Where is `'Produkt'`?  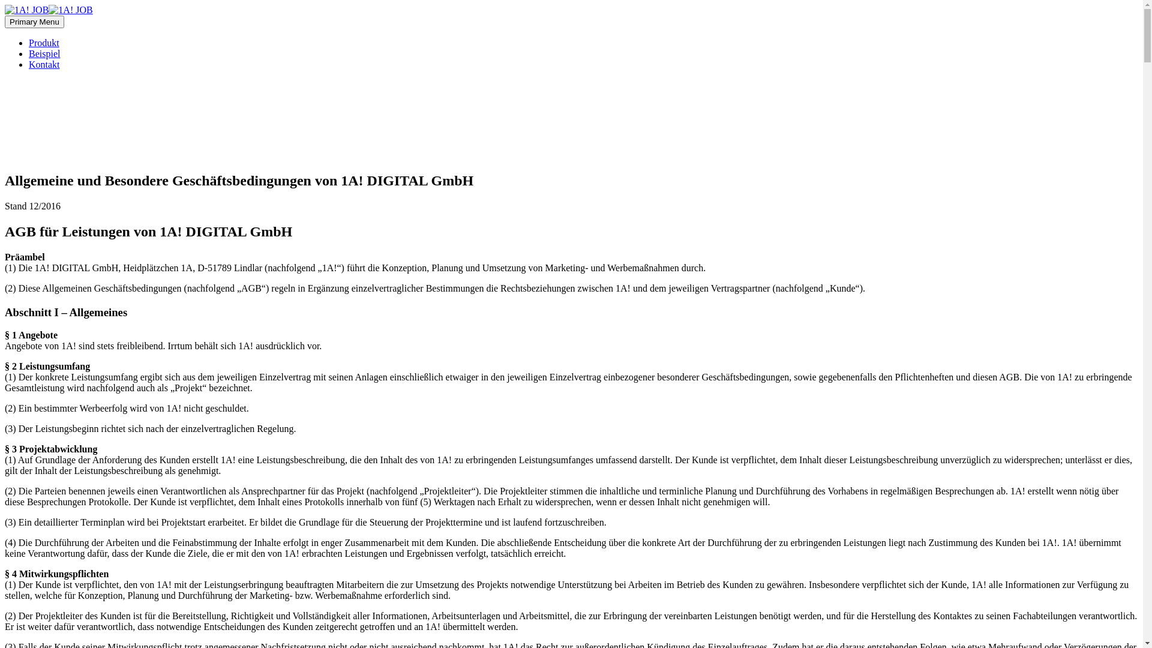 'Produkt' is located at coordinates (44, 42).